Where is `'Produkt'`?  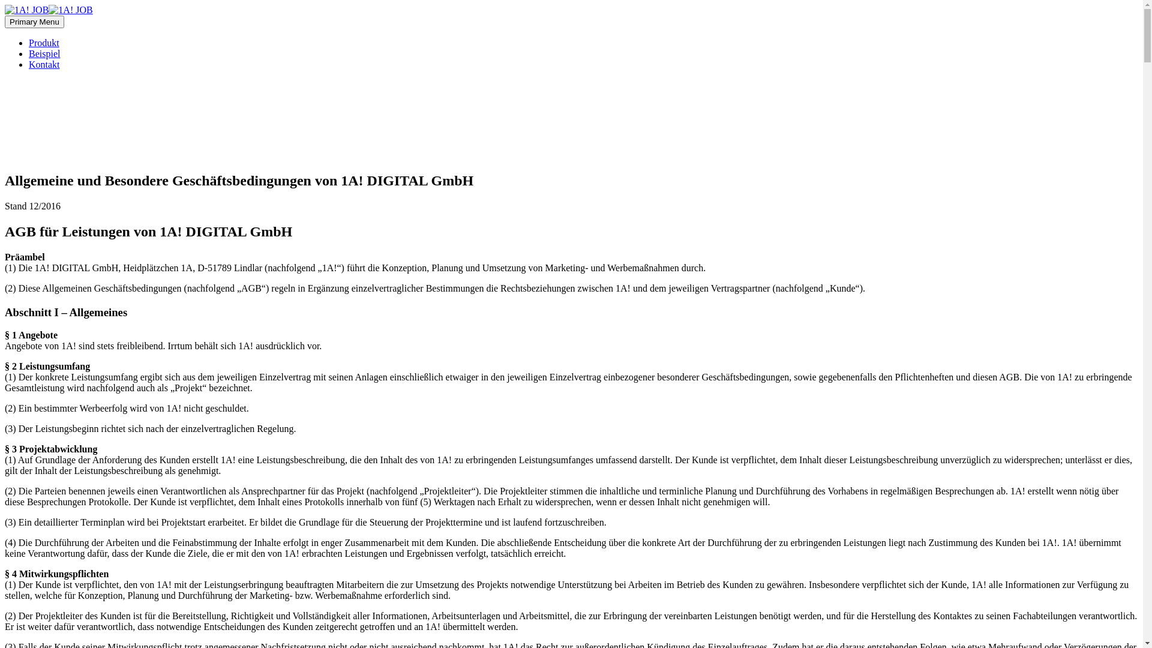 'Produkt' is located at coordinates (44, 42).